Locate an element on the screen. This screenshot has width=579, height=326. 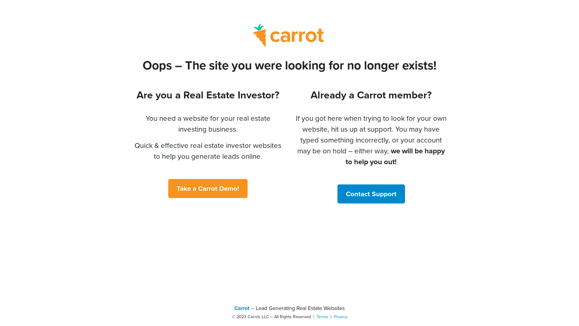
'Take a Carrot Demo!' is located at coordinates (168, 188).